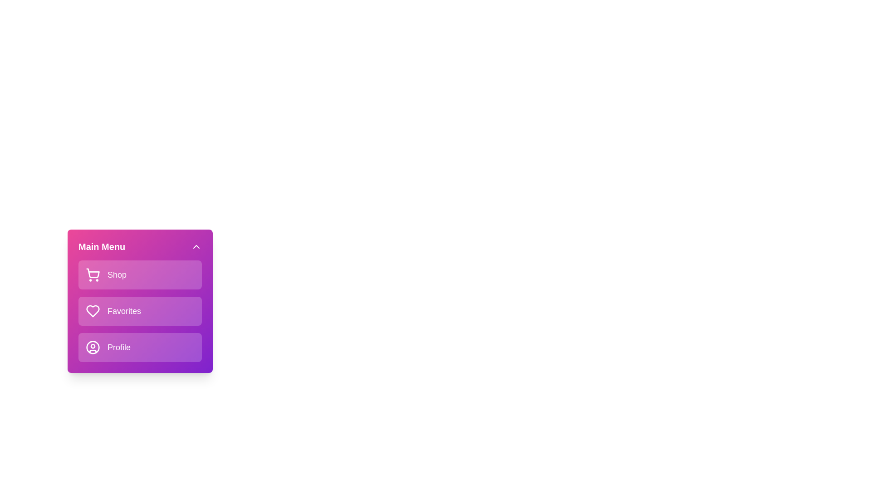 The height and width of the screenshot is (490, 871). Describe the element at coordinates (196, 246) in the screenshot. I see `toggle button to toggle the visibility of the menu` at that location.